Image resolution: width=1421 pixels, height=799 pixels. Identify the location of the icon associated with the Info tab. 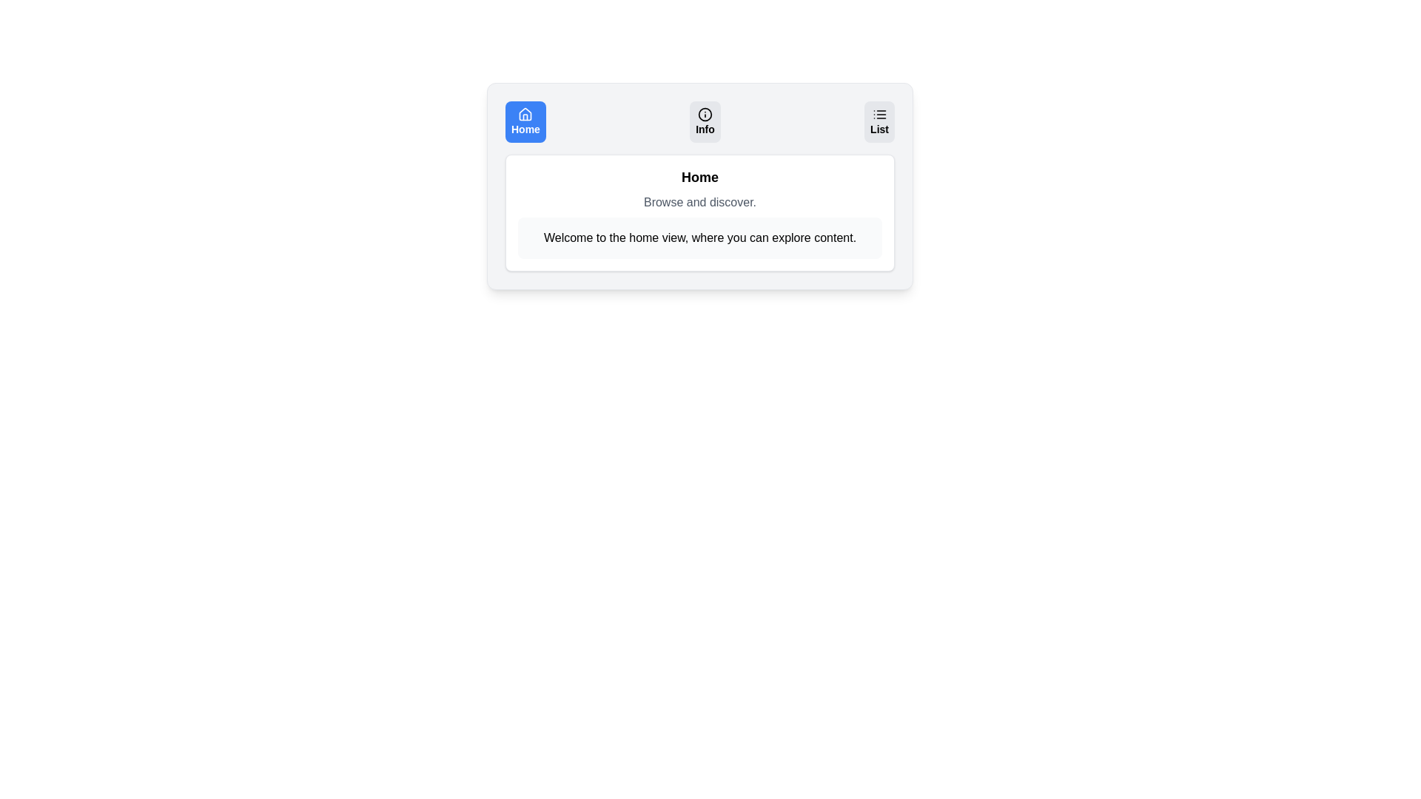
(705, 113).